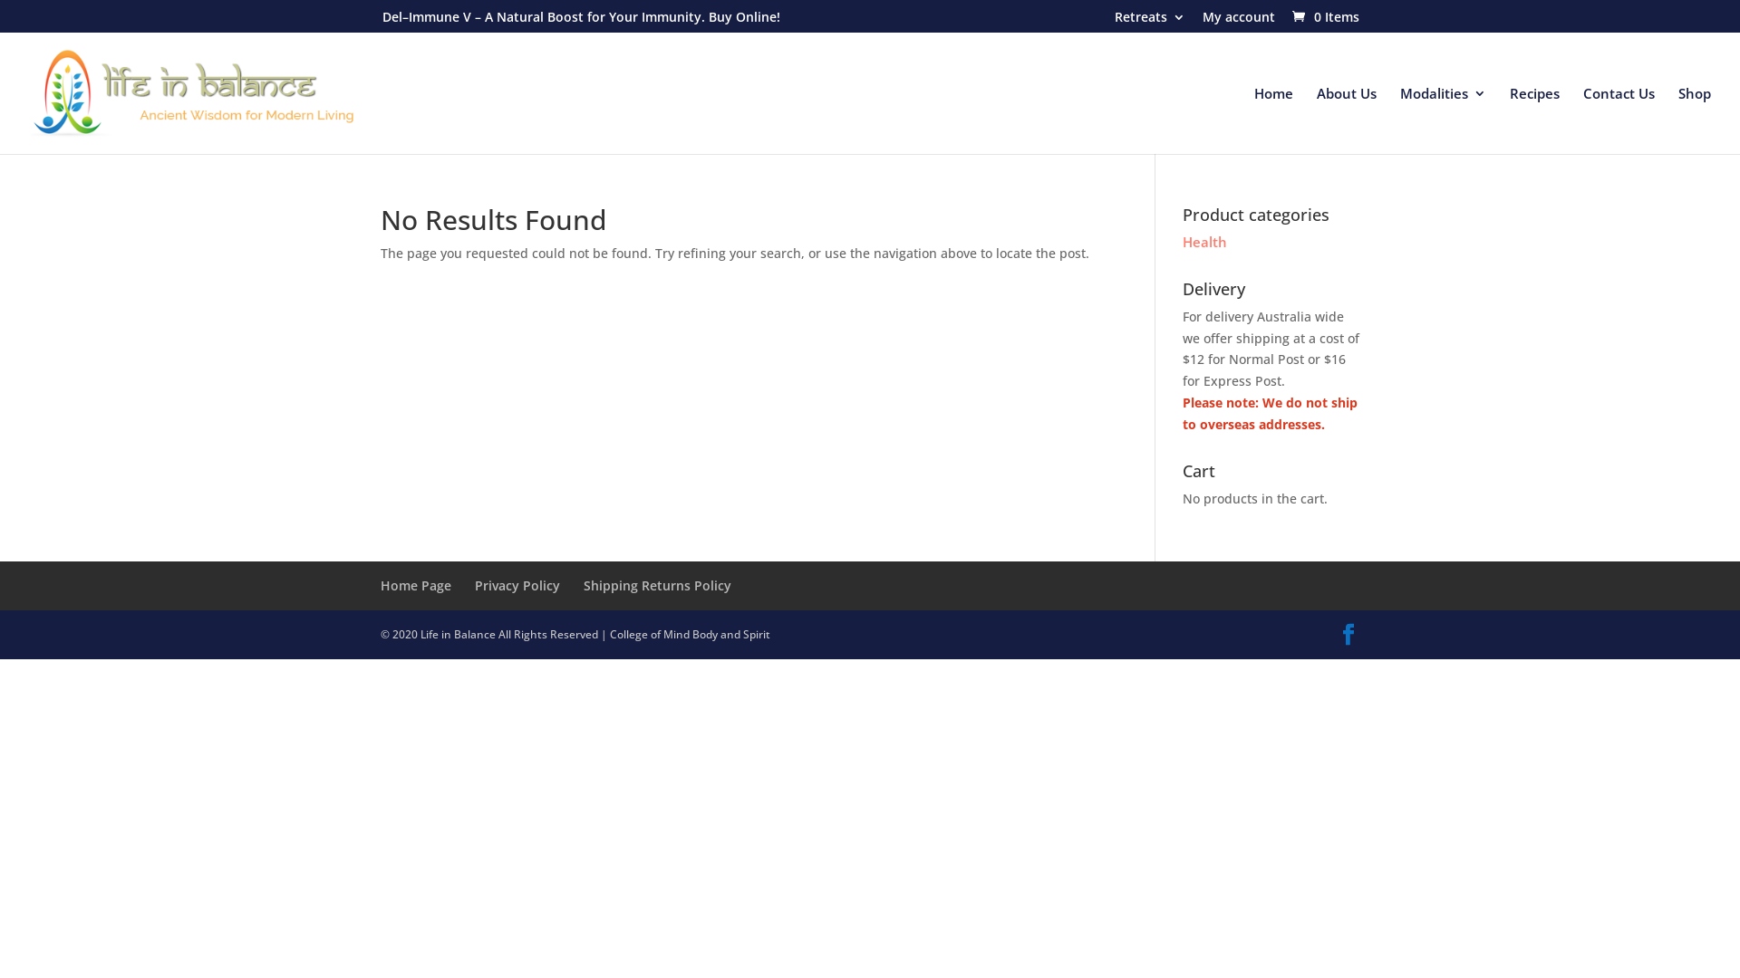 The width and height of the screenshot is (1740, 978). What do you see at coordinates (656, 585) in the screenshot?
I see `'Shipping Returns Policy'` at bounding box center [656, 585].